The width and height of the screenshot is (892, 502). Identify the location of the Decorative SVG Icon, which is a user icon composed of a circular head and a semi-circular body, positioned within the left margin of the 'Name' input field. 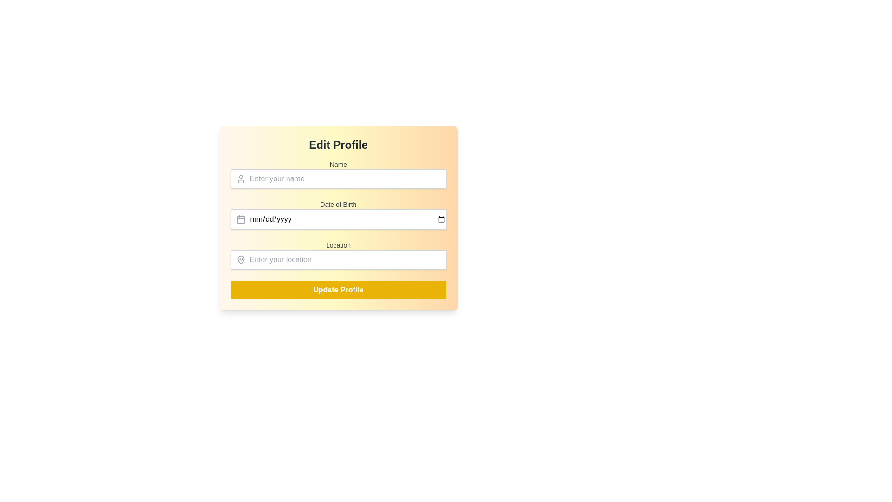
(241, 179).